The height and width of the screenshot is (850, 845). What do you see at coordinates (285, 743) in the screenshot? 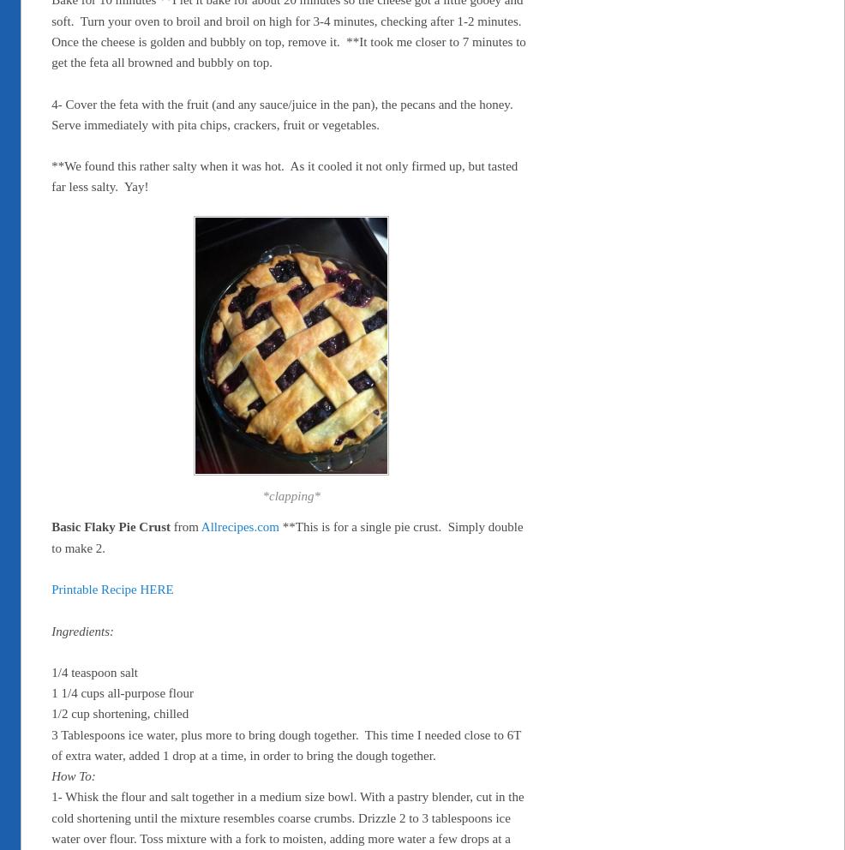
I see `'3 Tablespoons ice water, plus more to bring dough together.  This time I needed close to 6T of extra water, added 1 drop at a time, in order to bring the dough together.'` at bounding box center [285, 743].